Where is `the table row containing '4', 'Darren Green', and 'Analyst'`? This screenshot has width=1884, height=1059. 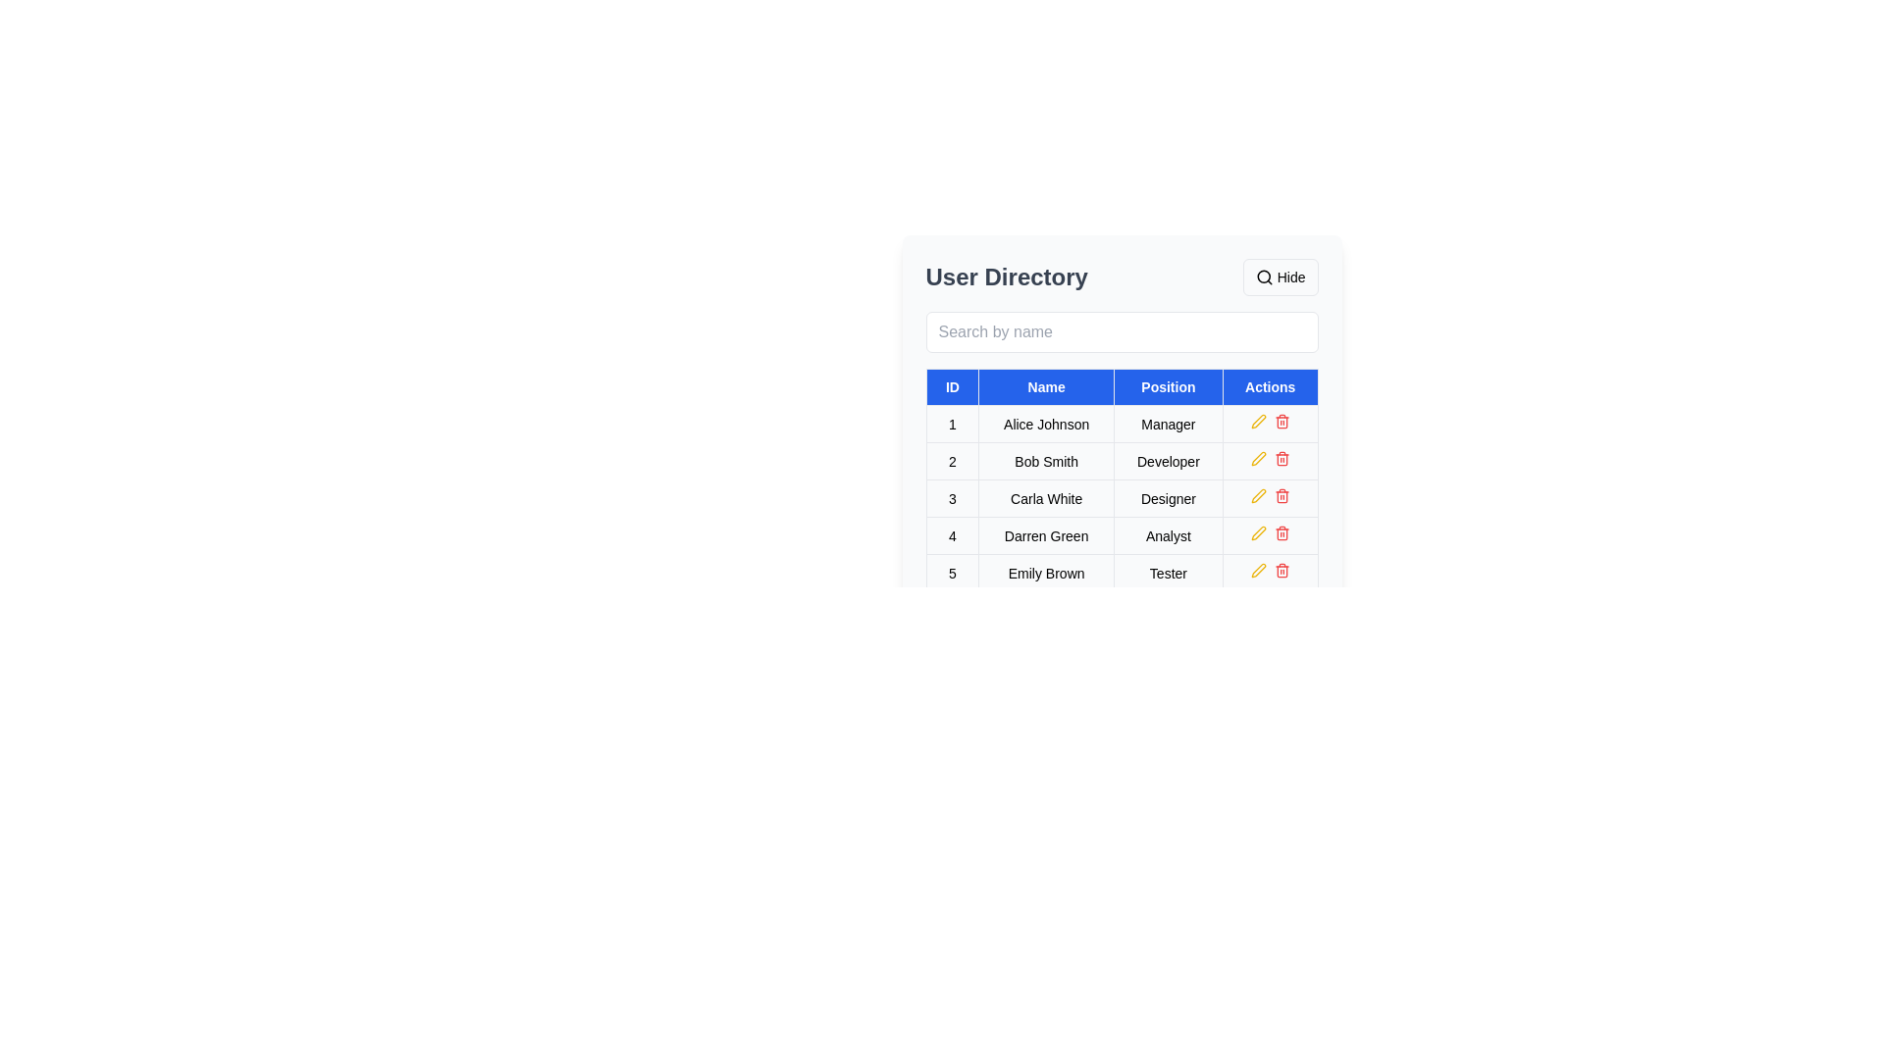
the table row containing '4', 'Darren Green', and 'Analyst' is located at coordinates (1122, 535).